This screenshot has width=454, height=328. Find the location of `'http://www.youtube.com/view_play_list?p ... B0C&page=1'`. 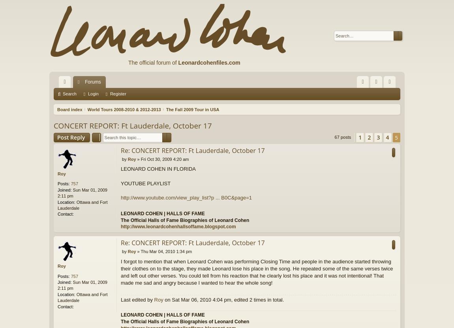

'http://www.youtube.com/view_play_list?p ... B0C&page=1' is located at coordinates (186, 197).